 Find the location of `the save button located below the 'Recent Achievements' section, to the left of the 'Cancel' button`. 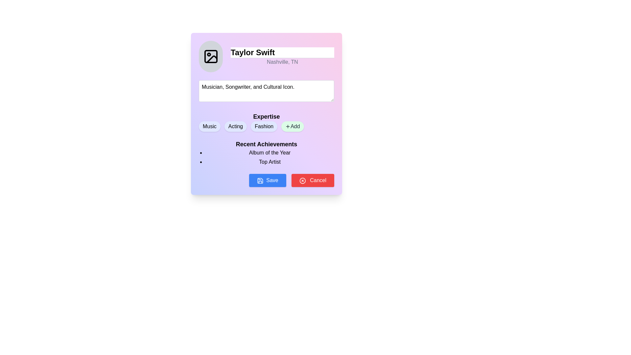

the save button located below the 'Recent Achievements' section, to the left of the 'Cancel' button is located at coordinates (260, 180).